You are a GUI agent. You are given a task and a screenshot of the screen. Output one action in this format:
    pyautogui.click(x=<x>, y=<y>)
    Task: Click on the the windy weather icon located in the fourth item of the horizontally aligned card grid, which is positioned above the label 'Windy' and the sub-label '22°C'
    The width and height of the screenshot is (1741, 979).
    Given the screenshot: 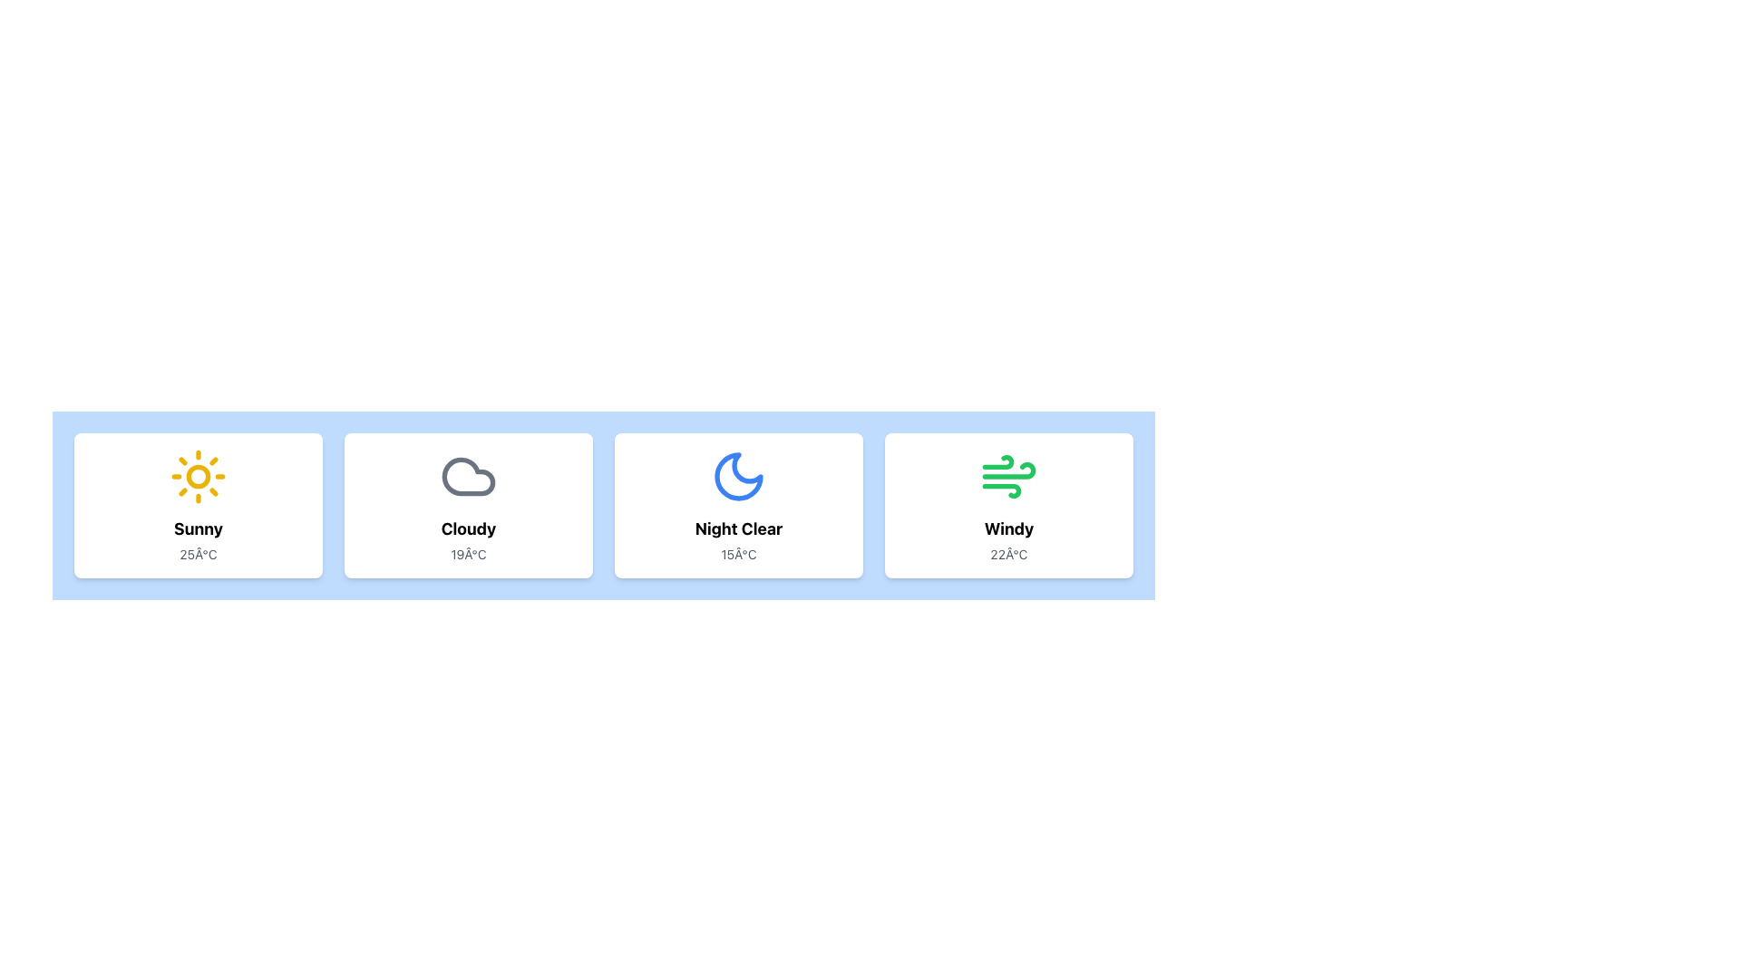 What is the action you would take?
    pyautogui.click(x=1008, y=475)
    